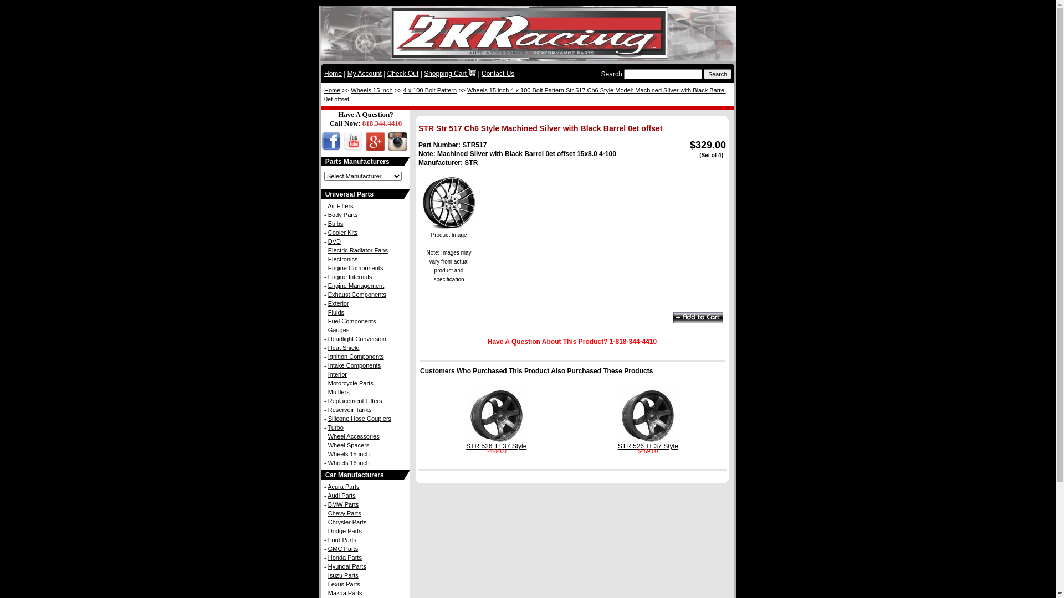 This screenshot has width=1064, height=598. Describe the element at coordinates (402, 73) in the screenshot. I see `'Check Out'` at that location.